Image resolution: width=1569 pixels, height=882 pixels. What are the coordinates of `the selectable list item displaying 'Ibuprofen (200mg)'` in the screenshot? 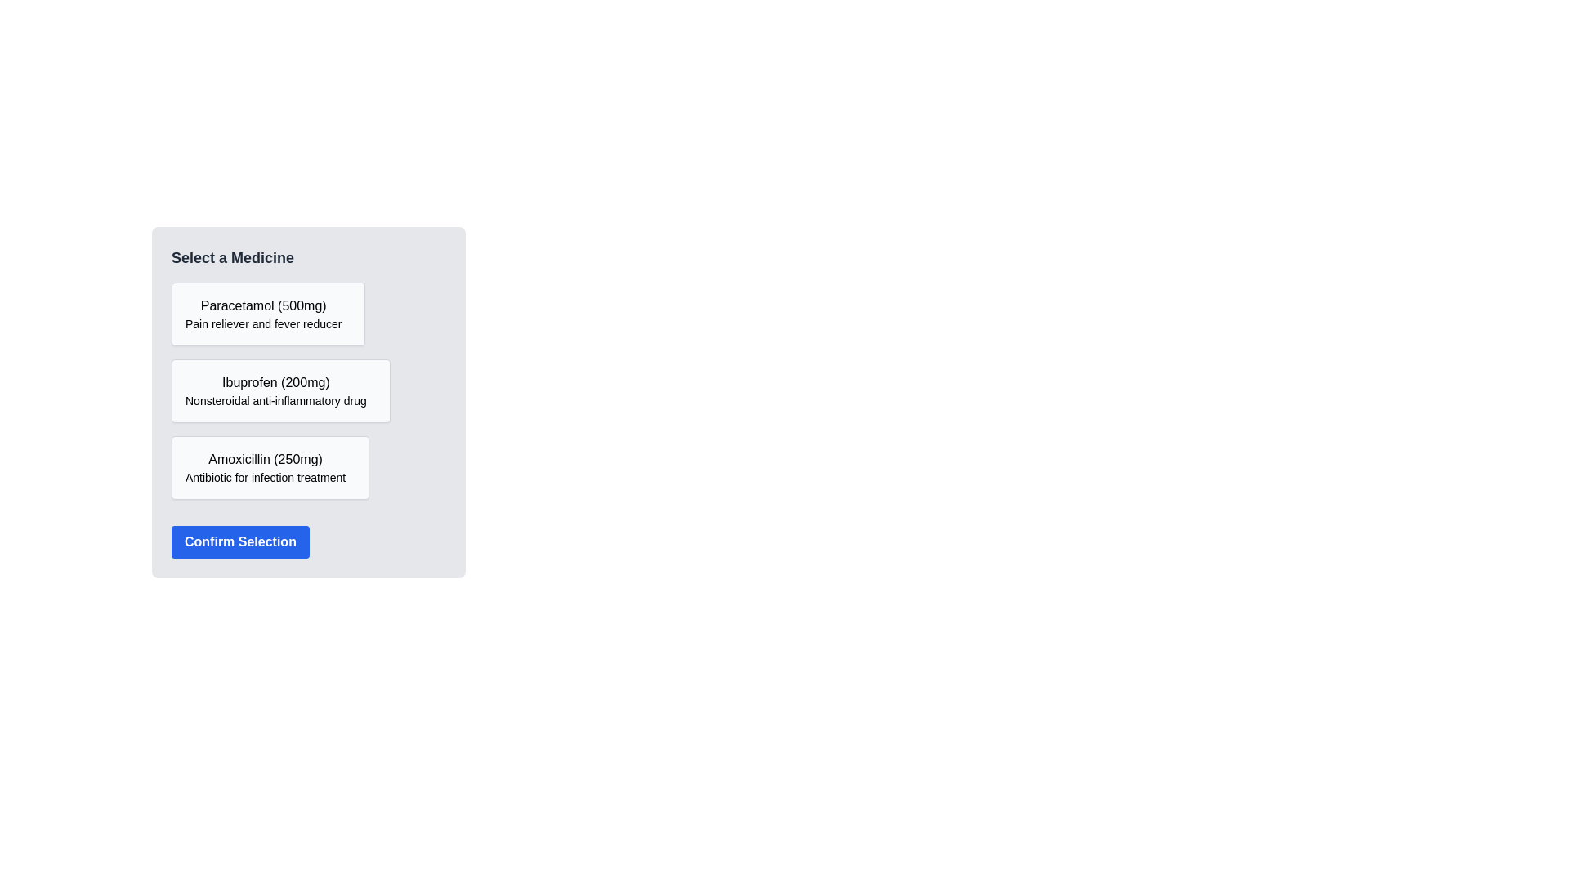 It's located at (280, 390).